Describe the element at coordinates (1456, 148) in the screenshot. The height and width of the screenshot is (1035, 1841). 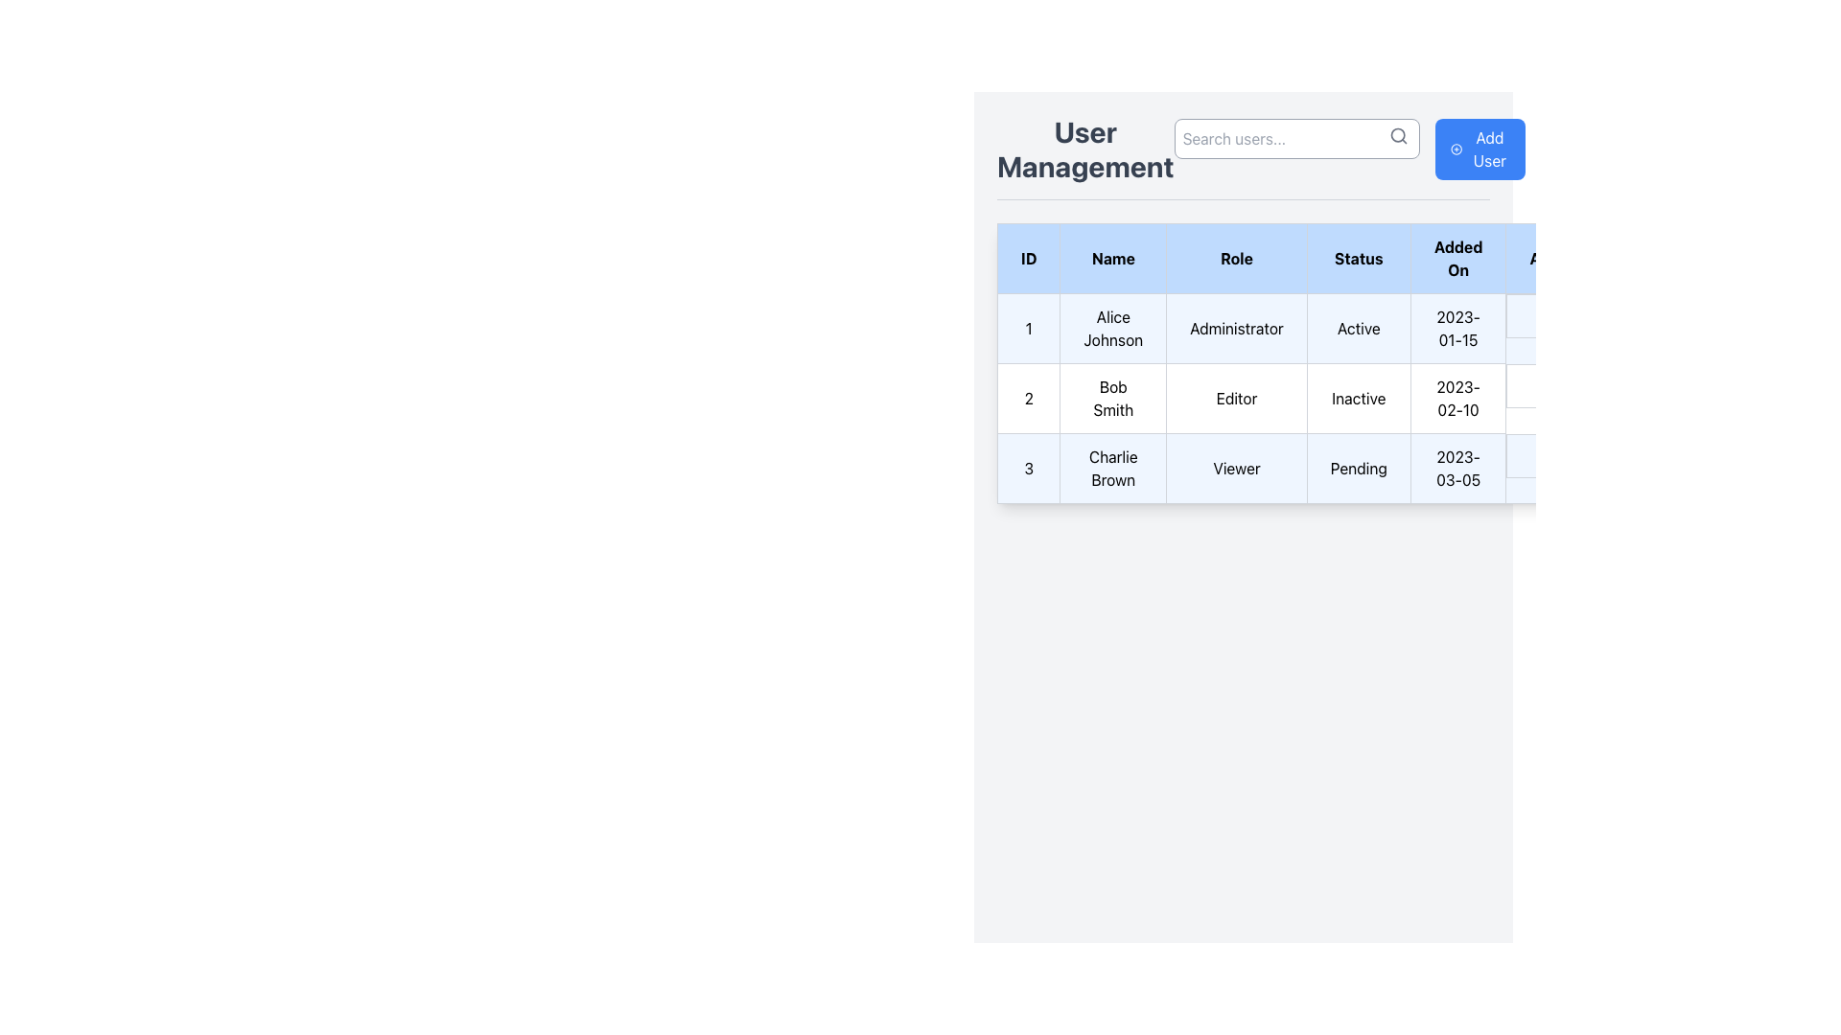
I see `the circular '+' icon located within the 'Add User' button at the top-right corner of the interface` at that location.